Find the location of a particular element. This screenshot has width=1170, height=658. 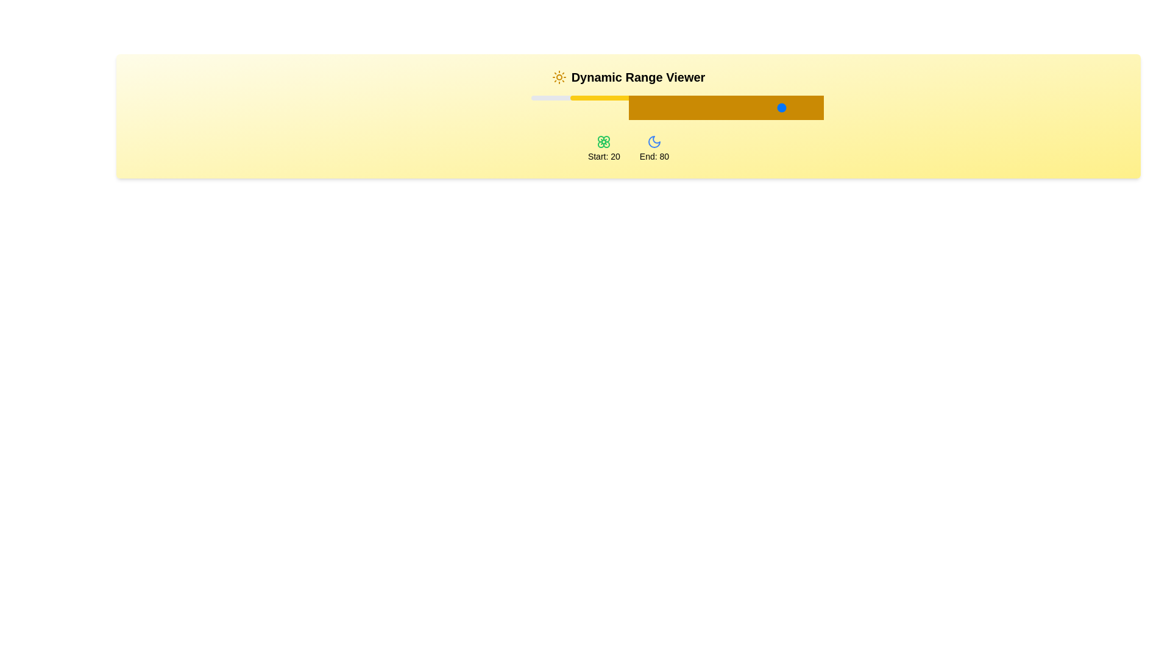

the slider value is located at coordinates (683, 107).